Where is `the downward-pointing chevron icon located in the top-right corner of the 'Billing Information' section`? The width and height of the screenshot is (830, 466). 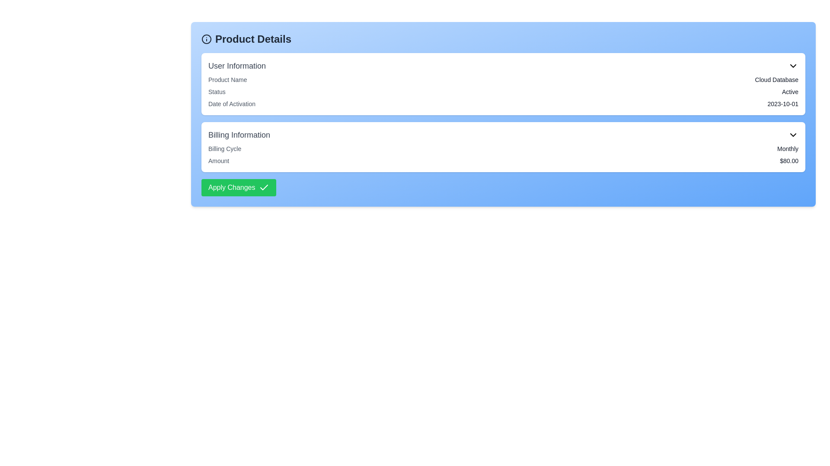 the downward-pointing chevron icon located in the top-right corner of the 'Billing Information' section is located at coordinates (793, 135).